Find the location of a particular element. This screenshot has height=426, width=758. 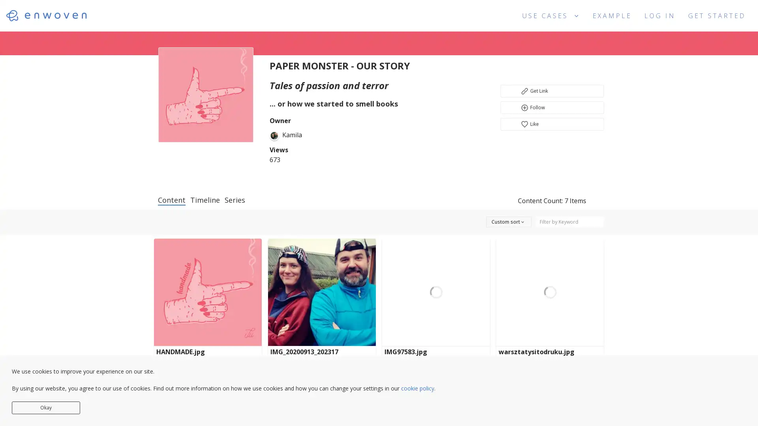

150 views image preview is located at coordinates (208, 292).